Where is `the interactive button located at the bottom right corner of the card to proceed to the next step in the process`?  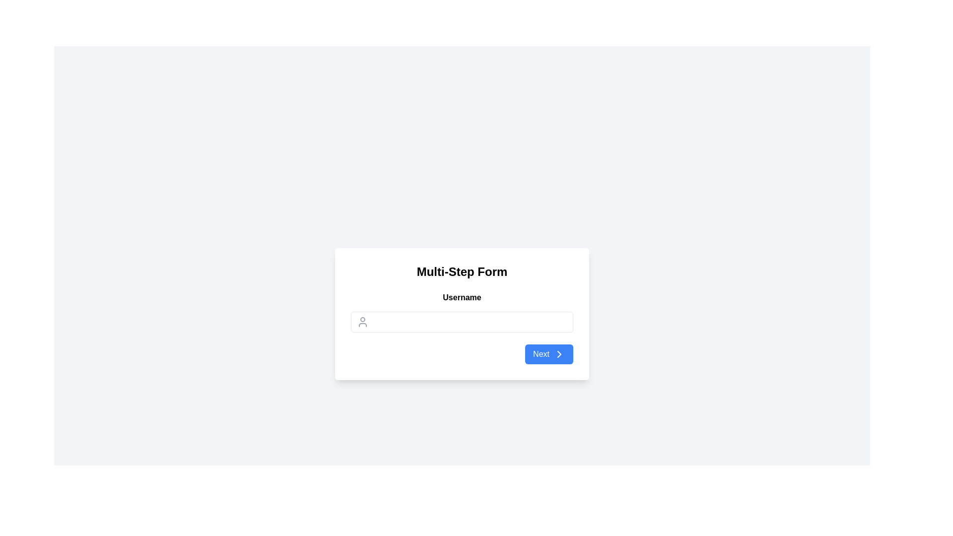 the interactive button located at the bottom right corner of the card to proceed to the next step in the process is located at coordinates (548, 353).